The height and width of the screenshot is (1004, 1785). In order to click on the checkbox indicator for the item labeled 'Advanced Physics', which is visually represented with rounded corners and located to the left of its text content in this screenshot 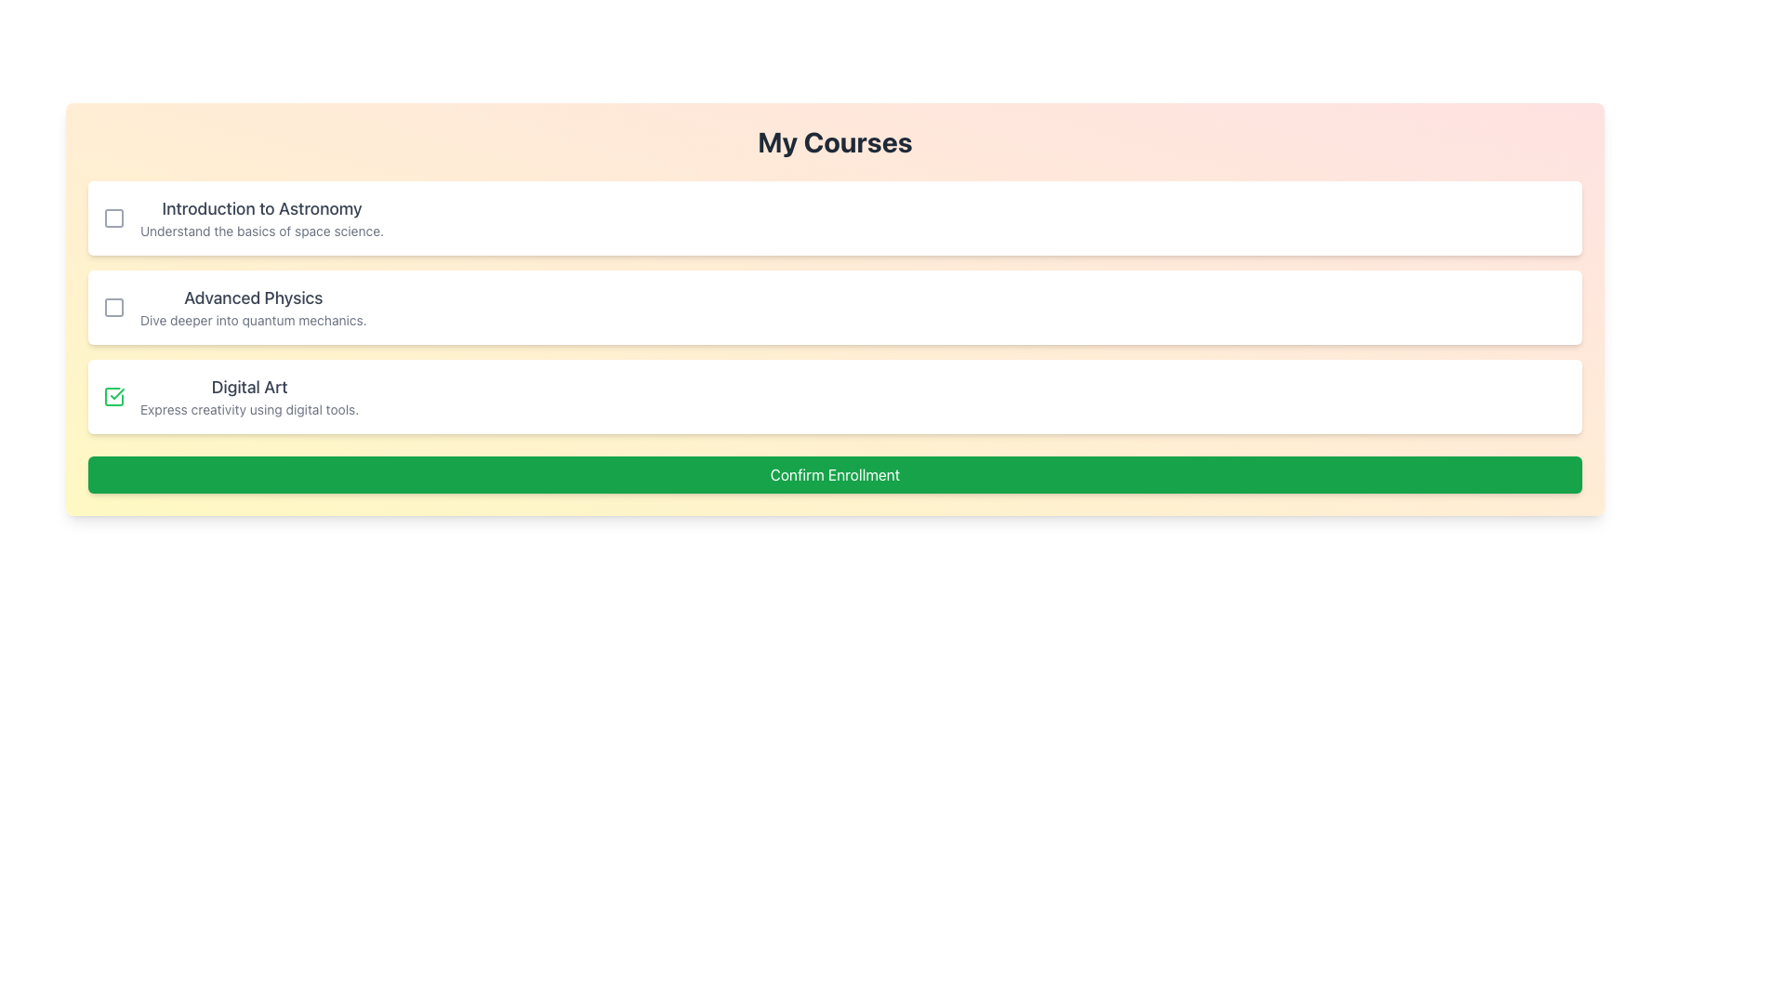, I will do `click(113, 307)`.